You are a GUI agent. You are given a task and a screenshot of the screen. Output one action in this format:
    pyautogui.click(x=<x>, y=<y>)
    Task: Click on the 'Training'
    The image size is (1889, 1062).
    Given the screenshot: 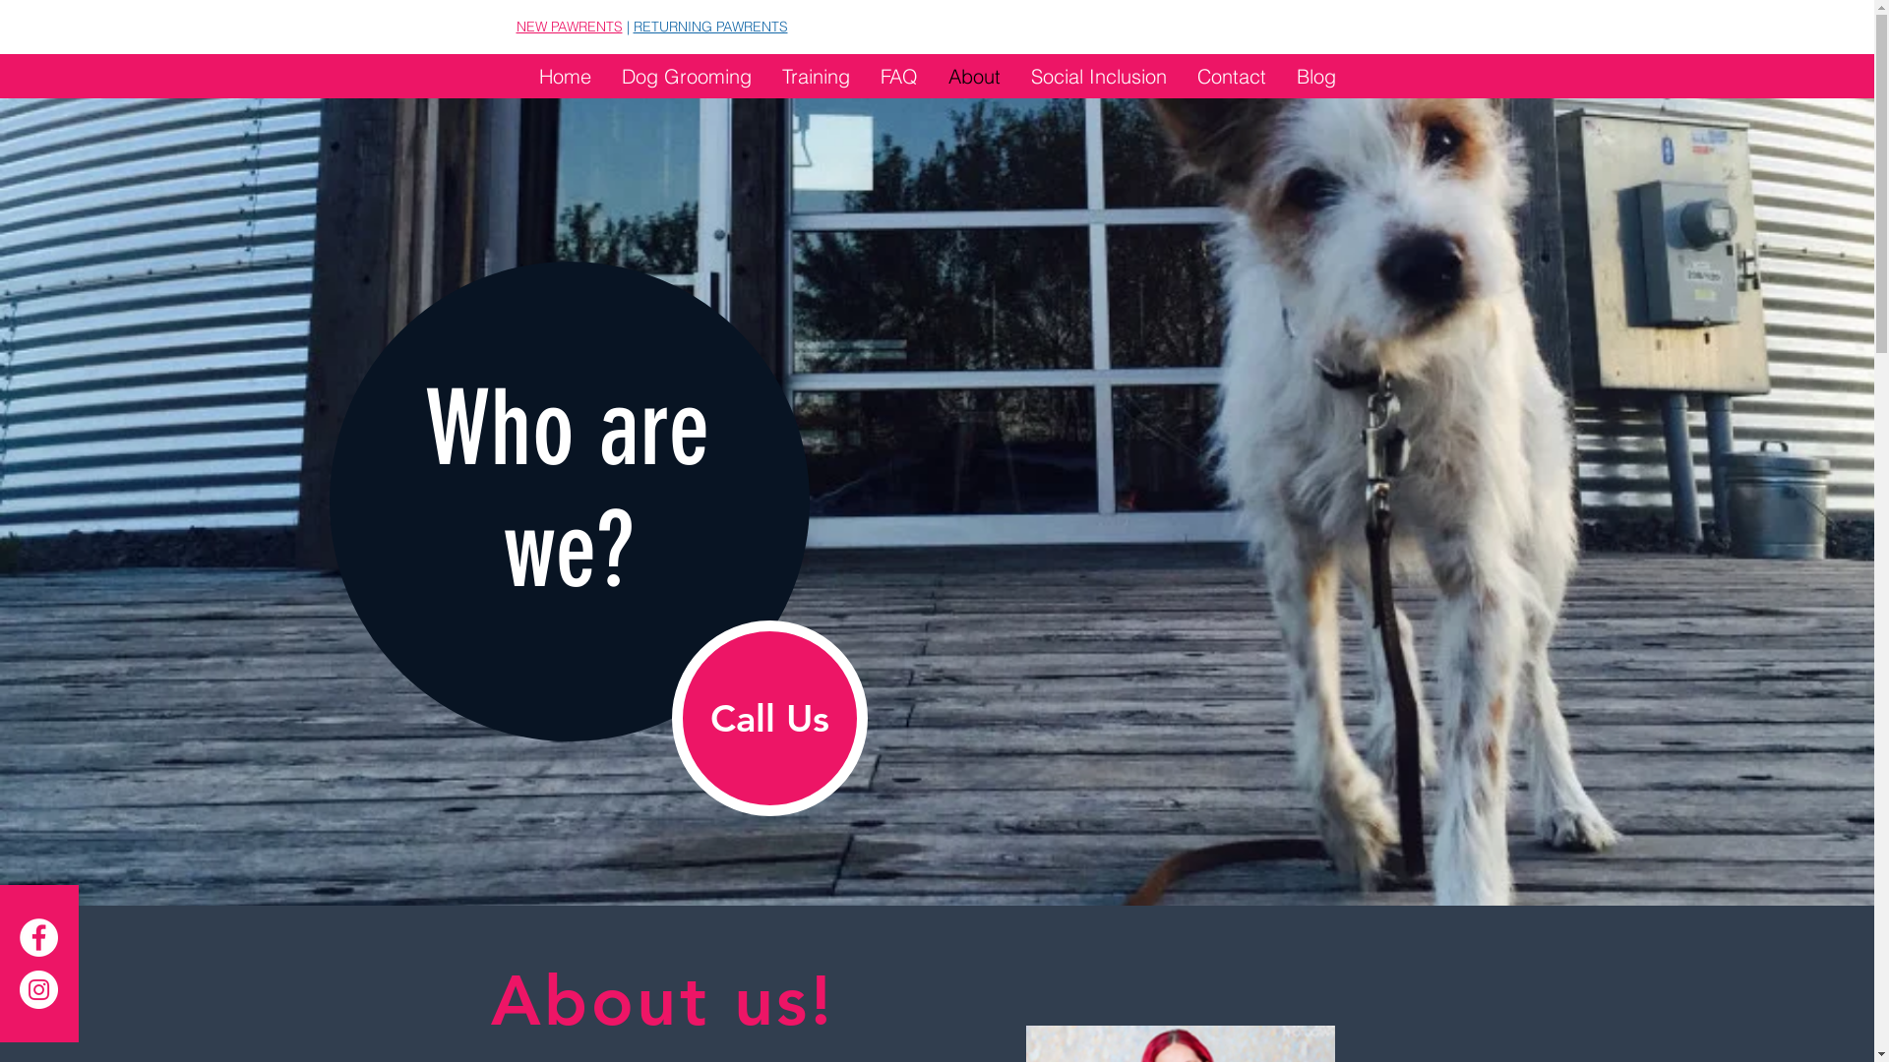 What is the action you would take?
    pyautogui.click(x=816, y=75)
    